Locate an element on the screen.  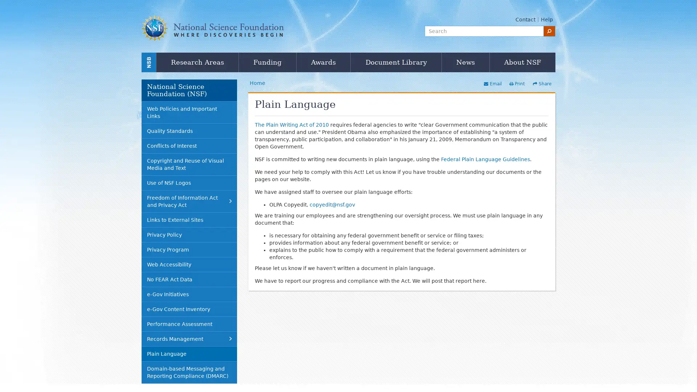
Share this page is located at coordinates (542, 83).